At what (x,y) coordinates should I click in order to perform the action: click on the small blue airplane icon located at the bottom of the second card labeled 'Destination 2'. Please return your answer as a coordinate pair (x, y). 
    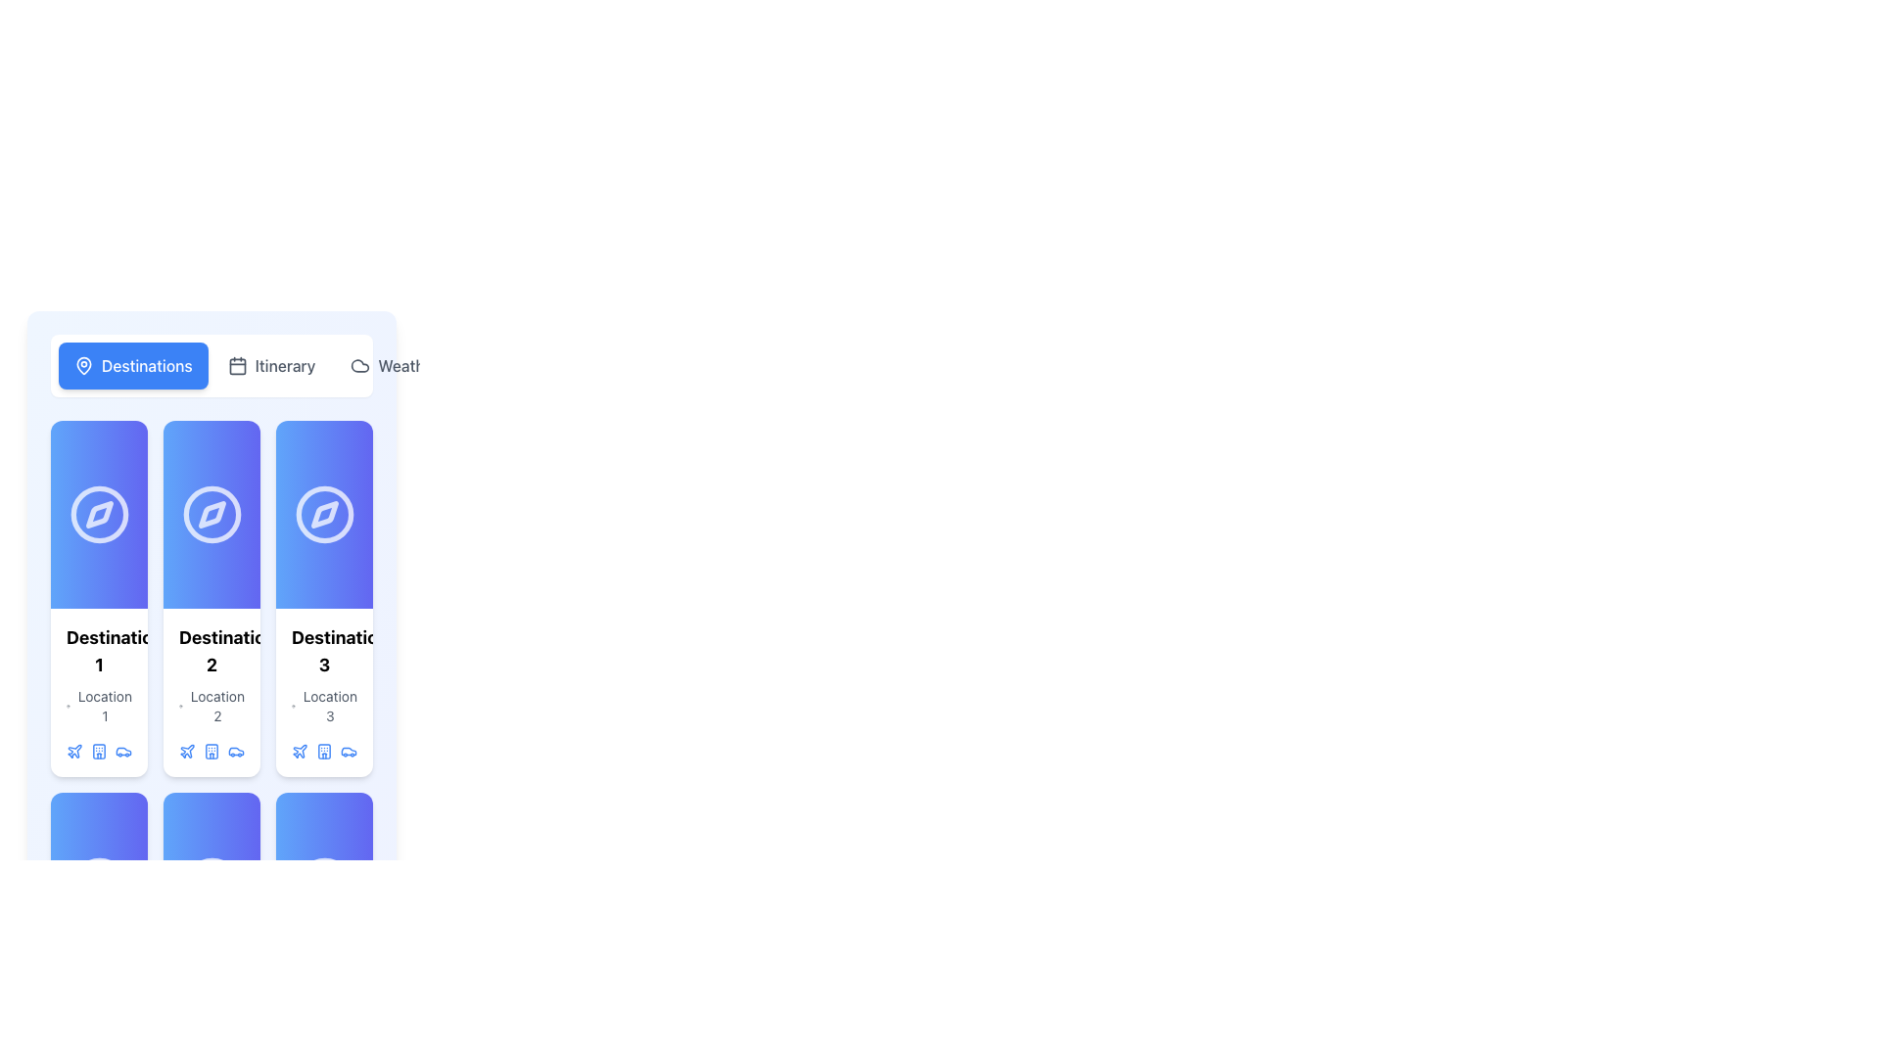
    Looking at the image, I should click on (187, 750).